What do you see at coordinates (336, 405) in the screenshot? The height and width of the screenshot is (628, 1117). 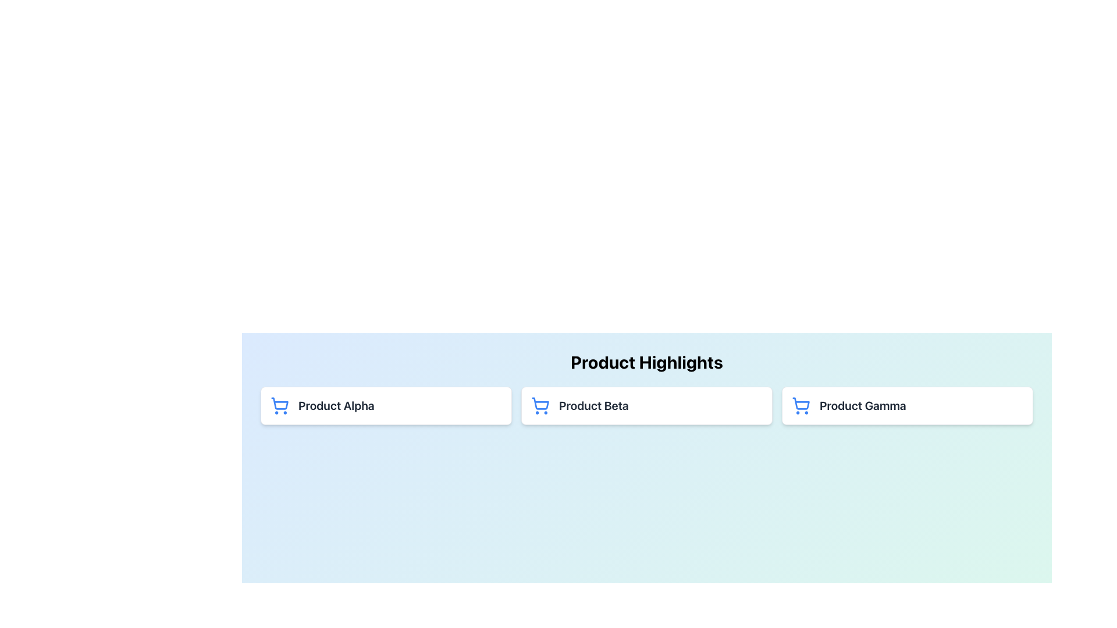 I see `the 'Product Alpha' text label, which is a bold dark gray label positioned to the right of a shopping cart icon within the first card of three horizontal cards under the 'Product Highlights' section` at bounding box center [336, 405].